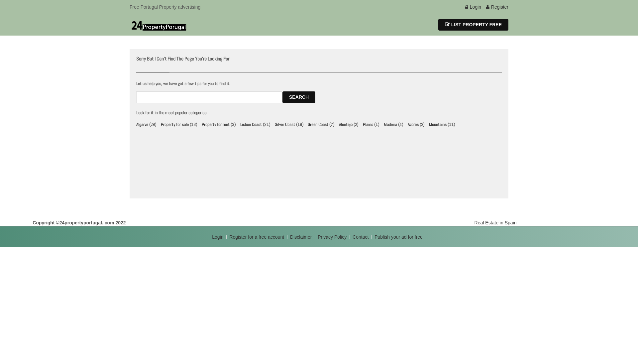  Describe the element at coordinates (307, 124) in the screenshot. I see `'Green Coast'` at that location.